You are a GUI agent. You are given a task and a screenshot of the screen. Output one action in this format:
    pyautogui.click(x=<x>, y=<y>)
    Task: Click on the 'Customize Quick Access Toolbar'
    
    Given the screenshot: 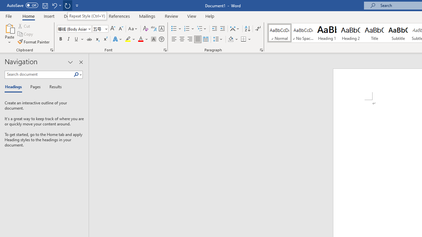 What is the action you would take?
    pyautogui.click(x=77, y=5)
    